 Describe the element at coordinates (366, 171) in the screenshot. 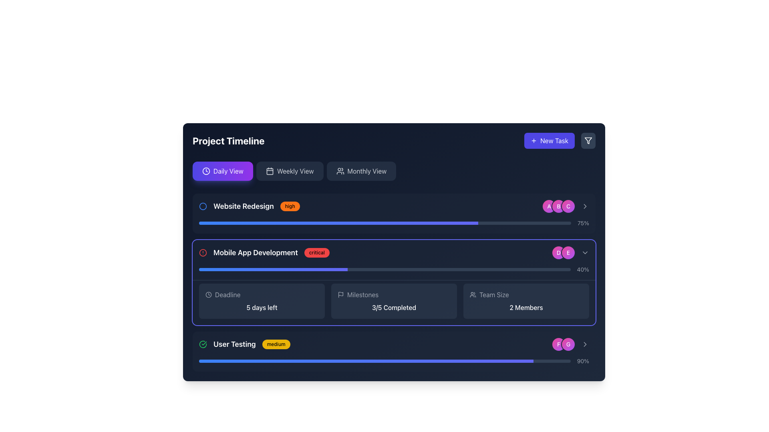

I see `the 'Monthly View' text label, which is displayed in light gray color on a dark background and is part of the navigation tab selection interface` at that location.